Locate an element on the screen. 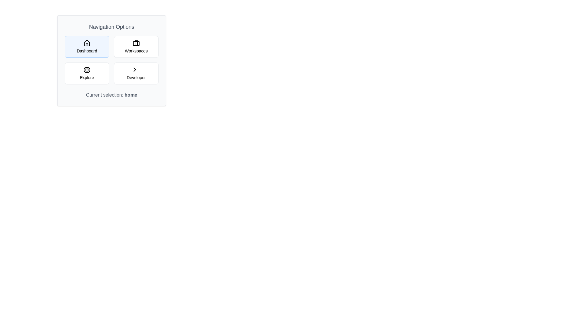 Image resolution: width=570 pixels, height=320 pixels. the current selection text displayed below the navigation options is located at coordinates (111, 95).